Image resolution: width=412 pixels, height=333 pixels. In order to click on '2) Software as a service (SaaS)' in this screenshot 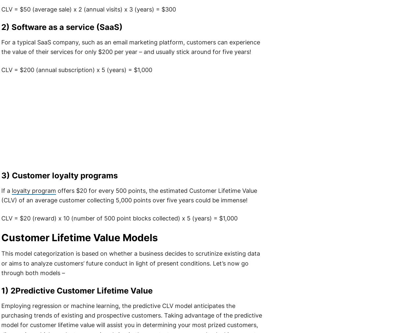, I will do `click(62, 27)`.